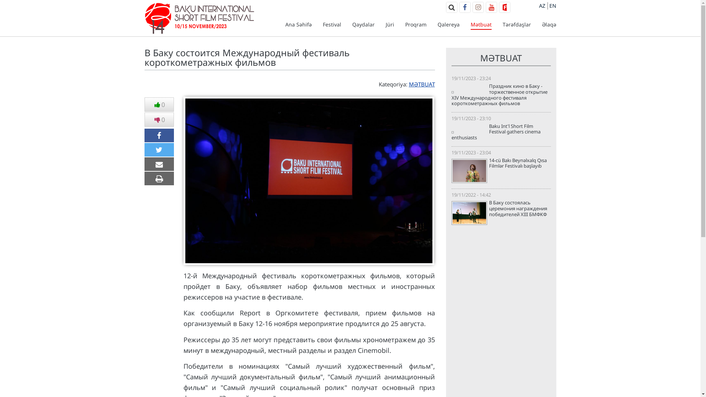 Image resolution: width=706 pixels, height=397 pixels. Describe the element at coordinates (448, 24) in the screenshot. I see `'Qalereya'` at that location.